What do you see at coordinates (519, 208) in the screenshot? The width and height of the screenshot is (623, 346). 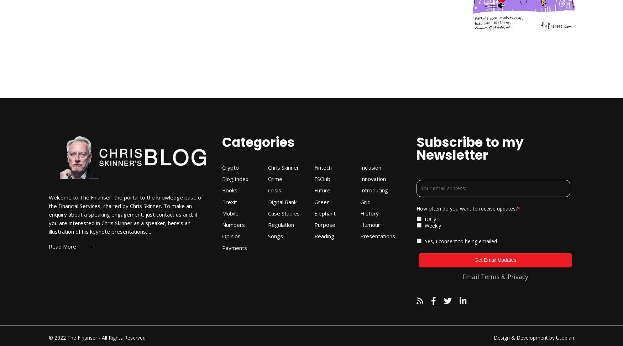 I see `'*'` at bounding box center [519, 208].